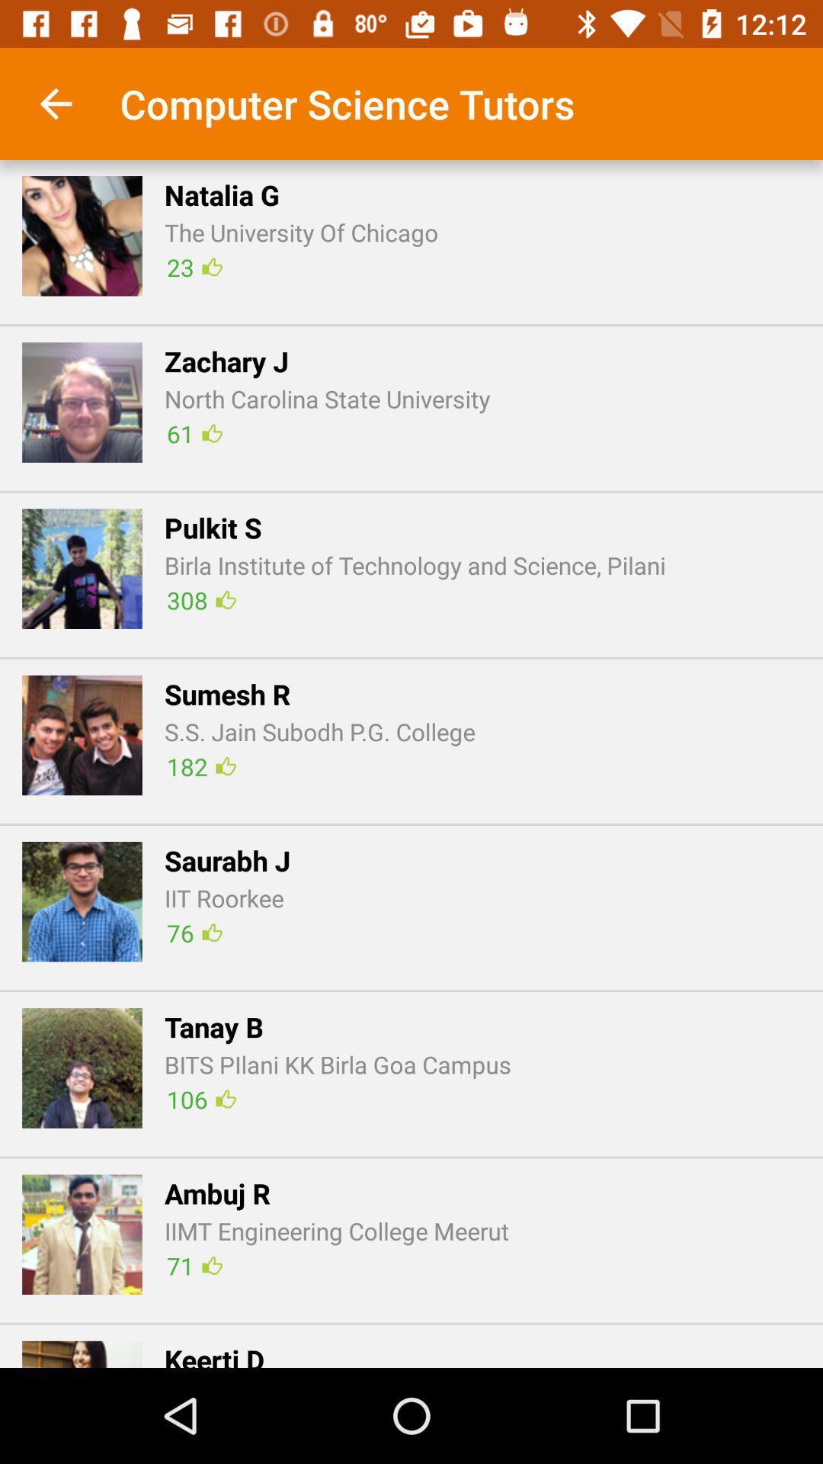  I want to click on the icon to the left of the computer science tutors, so click(55, 103).